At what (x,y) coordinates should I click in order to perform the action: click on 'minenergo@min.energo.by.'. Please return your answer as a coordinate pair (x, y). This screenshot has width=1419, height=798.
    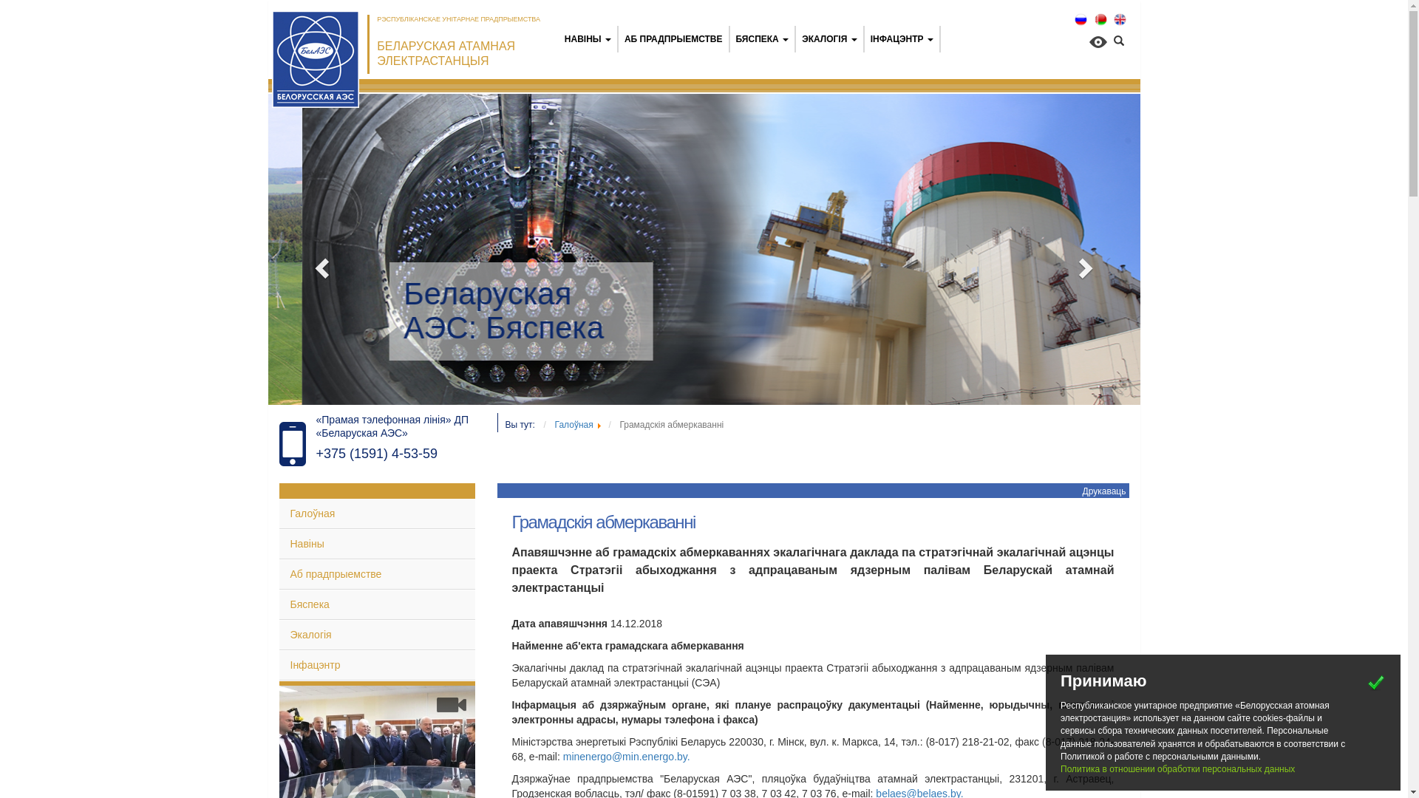
    Looking at the image, I should click on (627, 756).